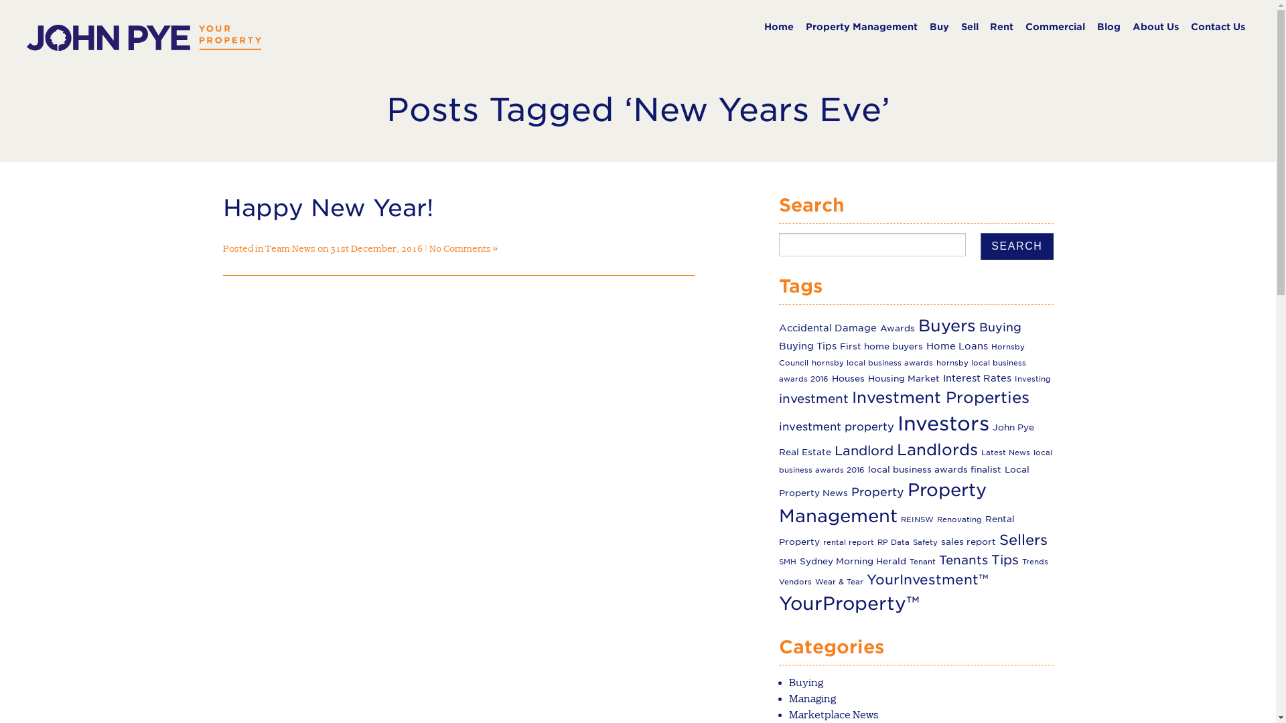 This screenshot has height=723, width=1286. What do you see at coordinates (883, 503) in the screenshot?
I see `'Property Management'` at bounding box center [883, 503].